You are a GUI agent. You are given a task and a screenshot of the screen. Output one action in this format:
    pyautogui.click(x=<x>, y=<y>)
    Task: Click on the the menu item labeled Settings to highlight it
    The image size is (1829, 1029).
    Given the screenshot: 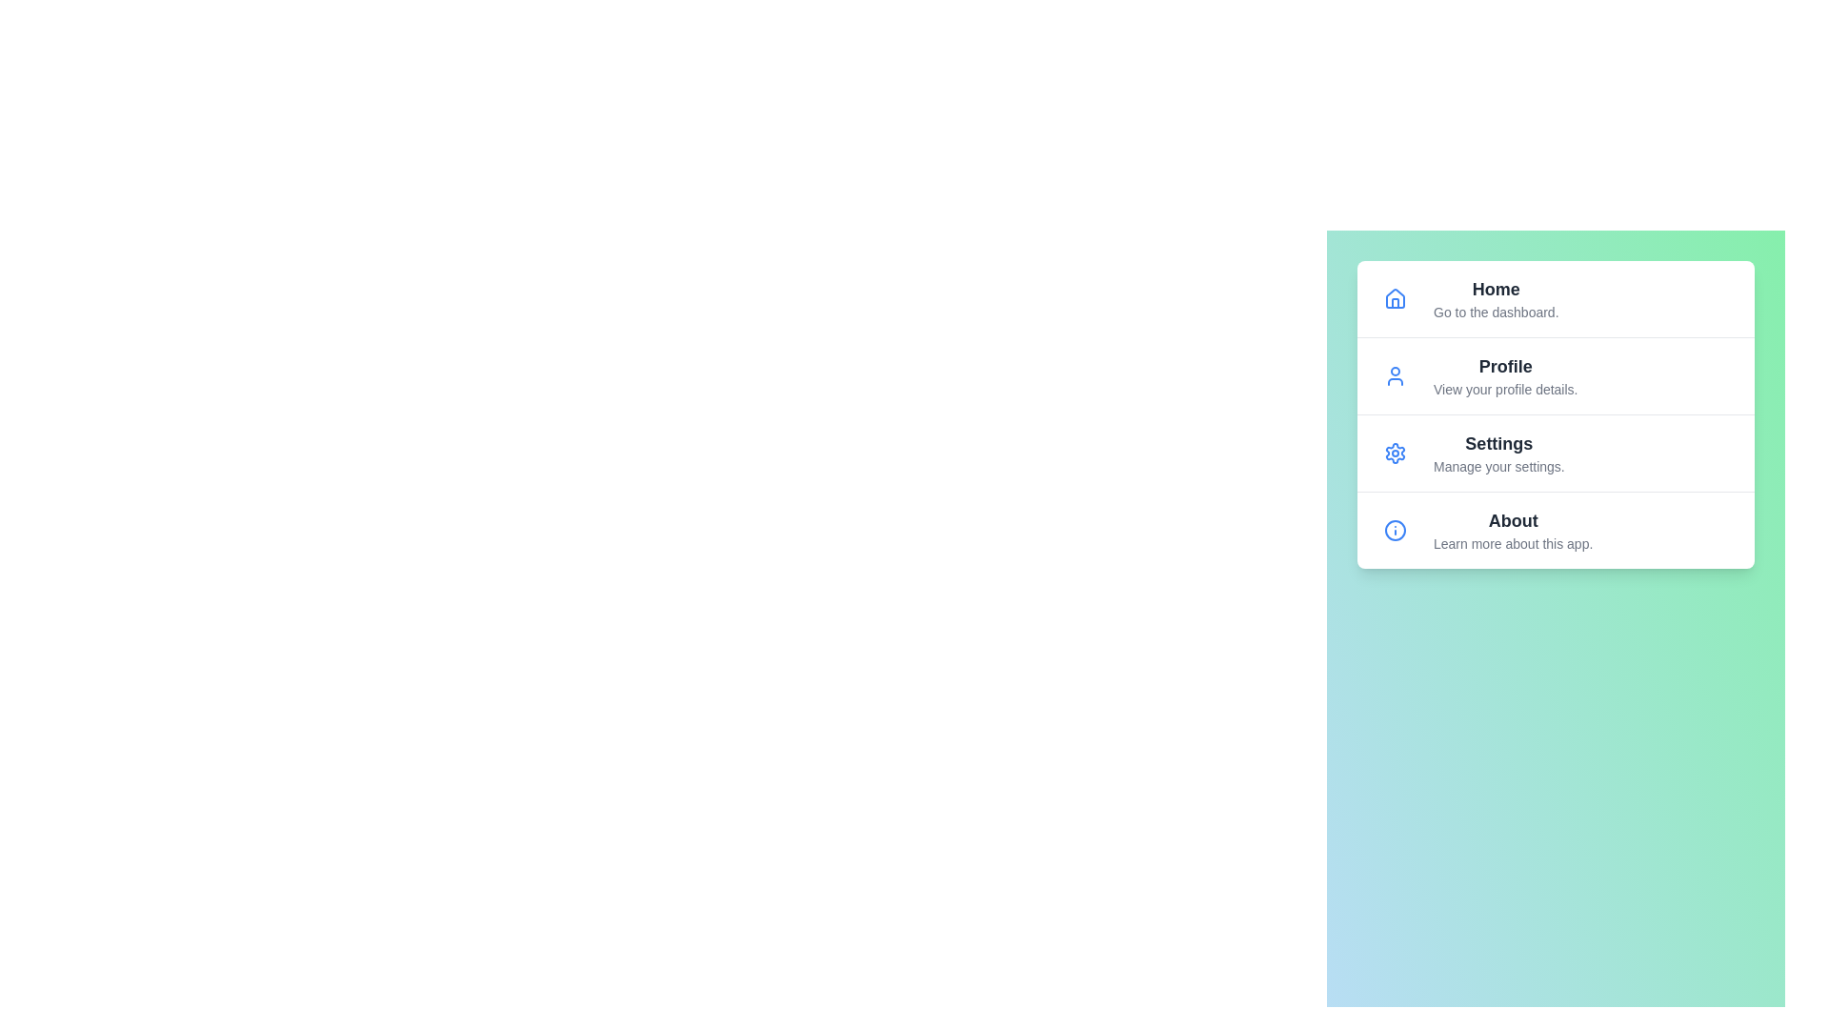 What is the action you would take?
    pyautogui.click(x=1556, y=453)
    